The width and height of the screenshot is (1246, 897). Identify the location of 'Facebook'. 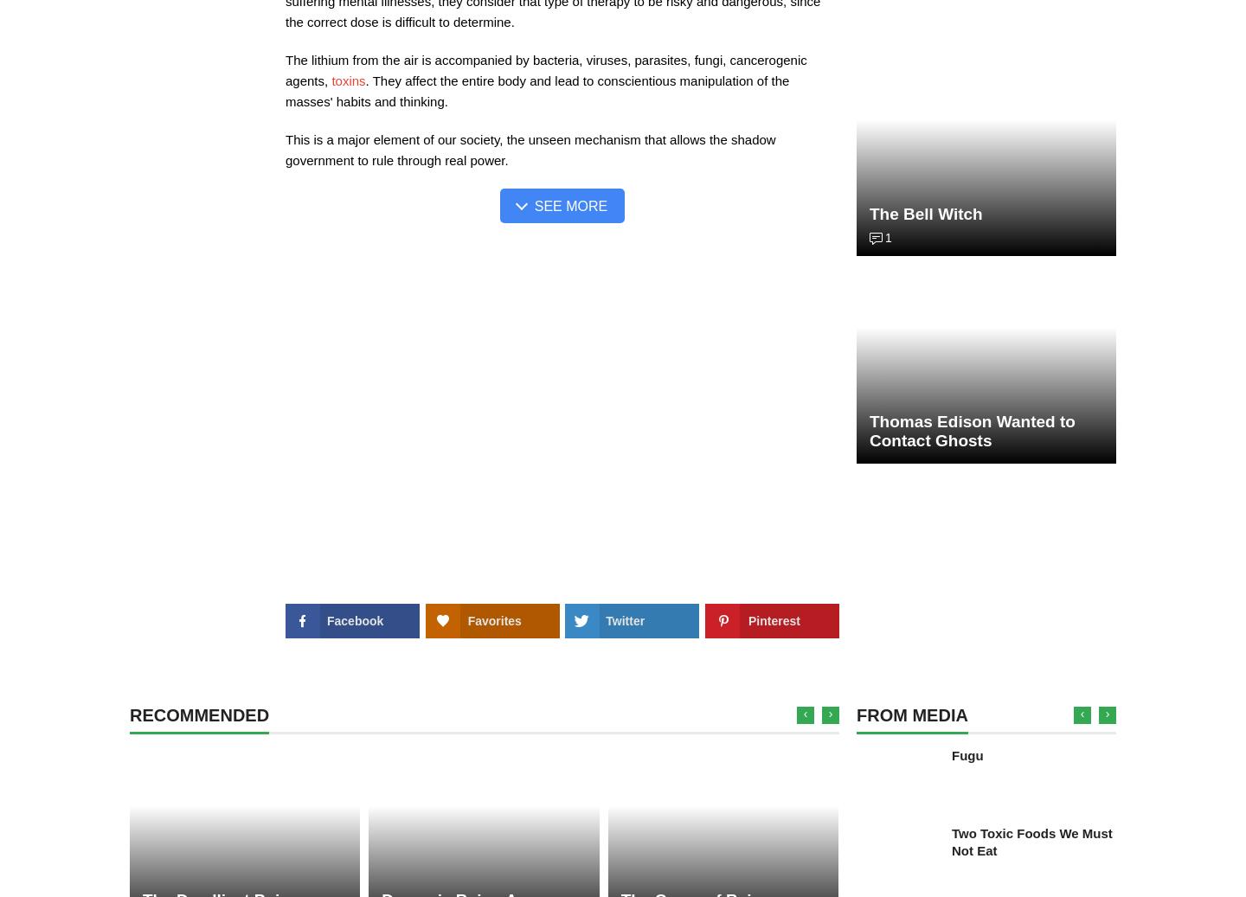
(354, 621).